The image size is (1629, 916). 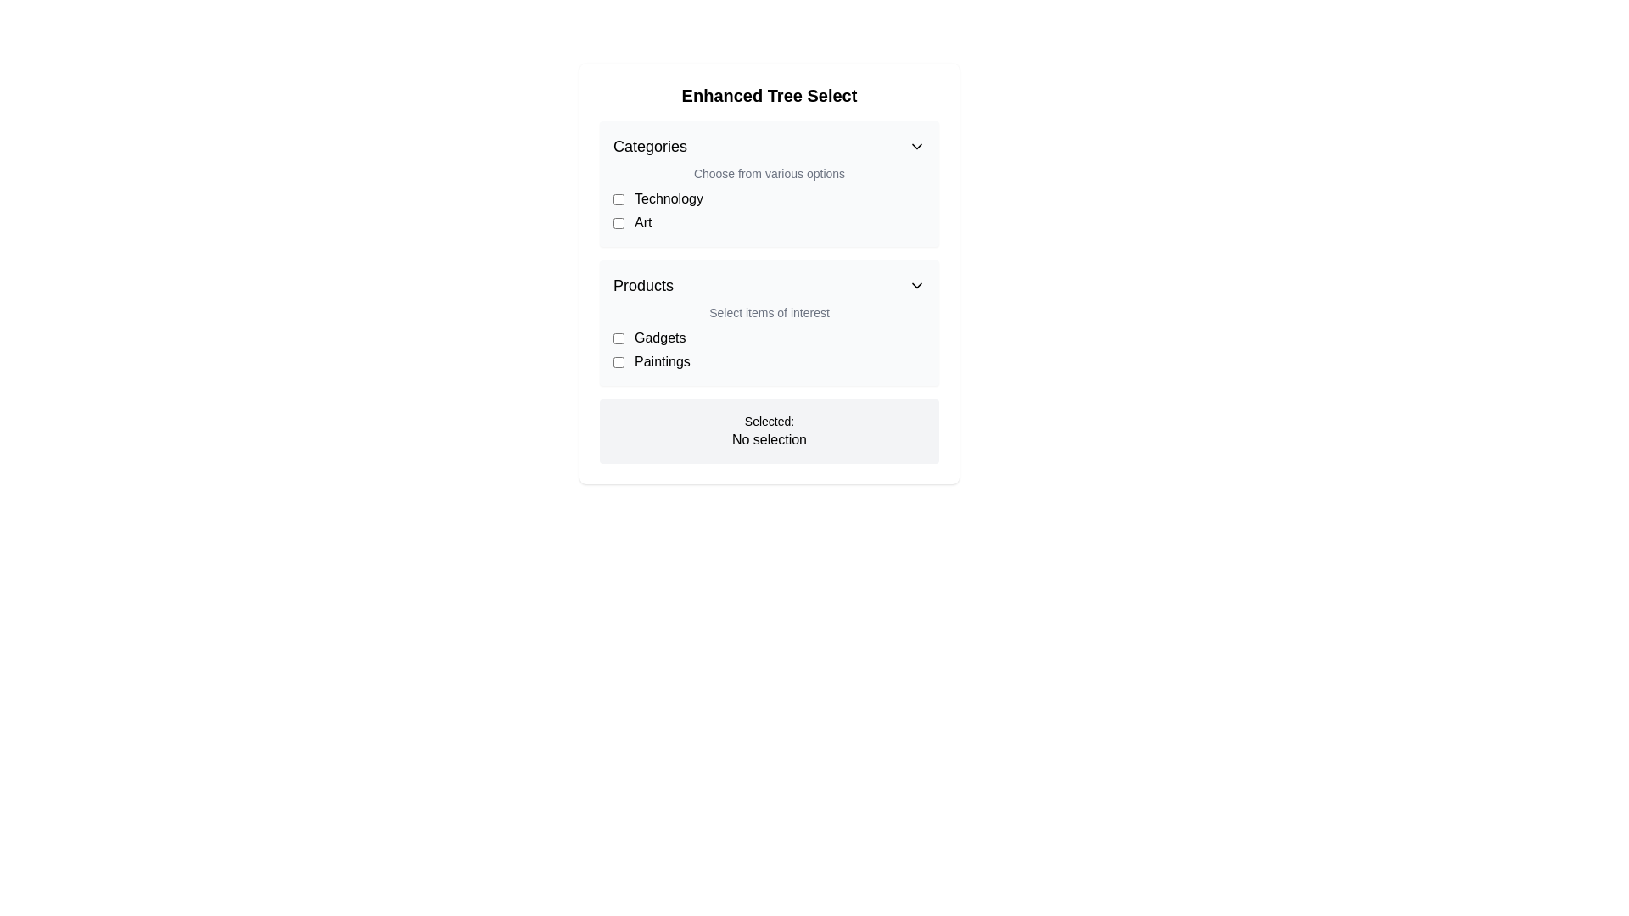 I want to click on the 'Technology' checkbox located in the 'Categories' section, so click(x=618, y=198).